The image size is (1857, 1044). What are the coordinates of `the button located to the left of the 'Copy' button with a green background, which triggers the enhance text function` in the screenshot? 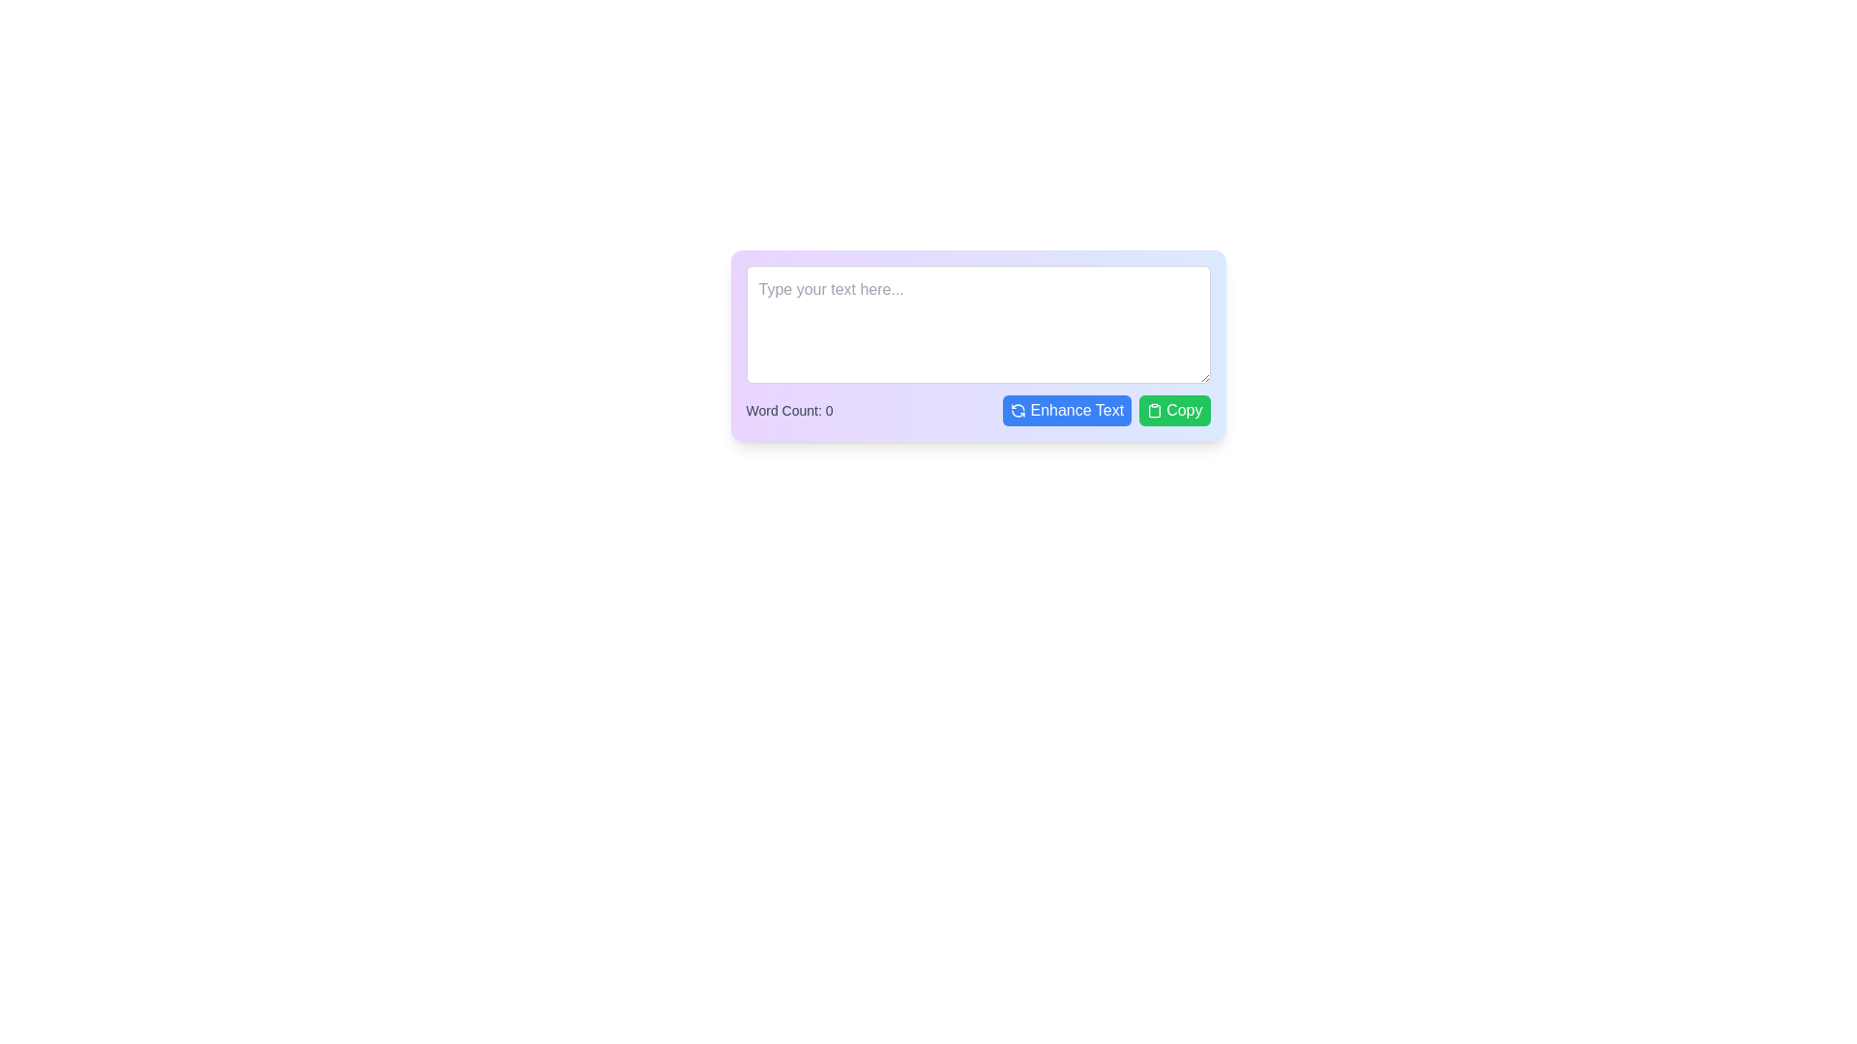 It's located at (1106, 409).